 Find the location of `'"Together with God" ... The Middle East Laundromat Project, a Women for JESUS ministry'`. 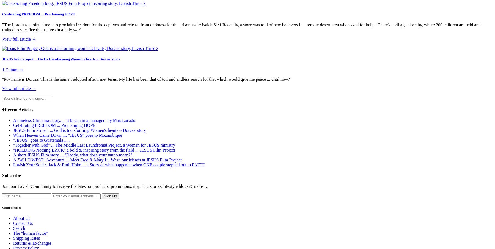

'"Together with God" ... The Middle East Laundromat Project, a Women for JESUS ministry' is located at coordinates (94, 144).